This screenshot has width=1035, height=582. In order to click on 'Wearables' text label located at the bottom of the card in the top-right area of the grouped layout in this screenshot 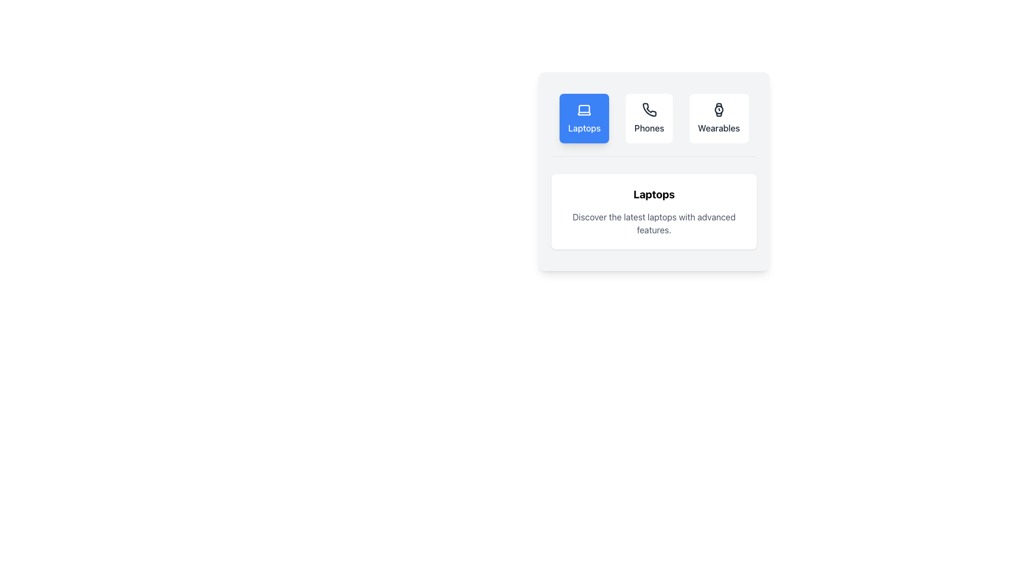, I will do `click(719, 128)`.